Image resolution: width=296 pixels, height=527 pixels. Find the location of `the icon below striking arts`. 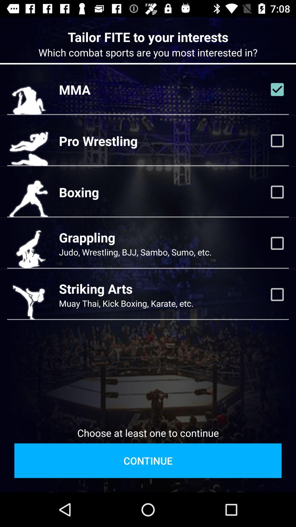

the icon below striking arts is located at coordinates (126, 303).